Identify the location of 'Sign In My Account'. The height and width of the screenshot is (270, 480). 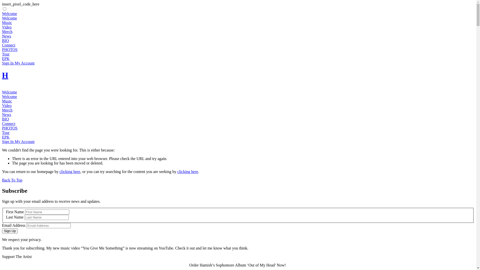
(18, 63).